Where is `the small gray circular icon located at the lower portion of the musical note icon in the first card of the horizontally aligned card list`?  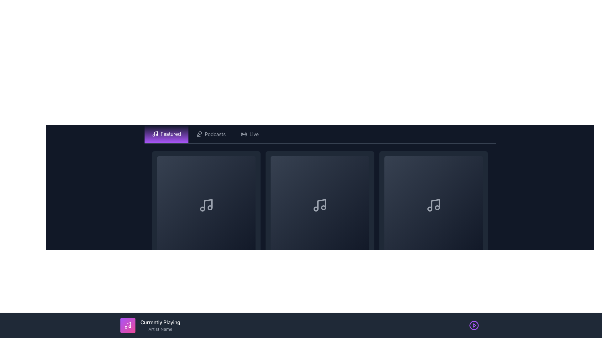
the small gray circular icon located at the lower portion of the musical note icon in the first card of the horizontally aligned card list is located at coordinates (210, 208).